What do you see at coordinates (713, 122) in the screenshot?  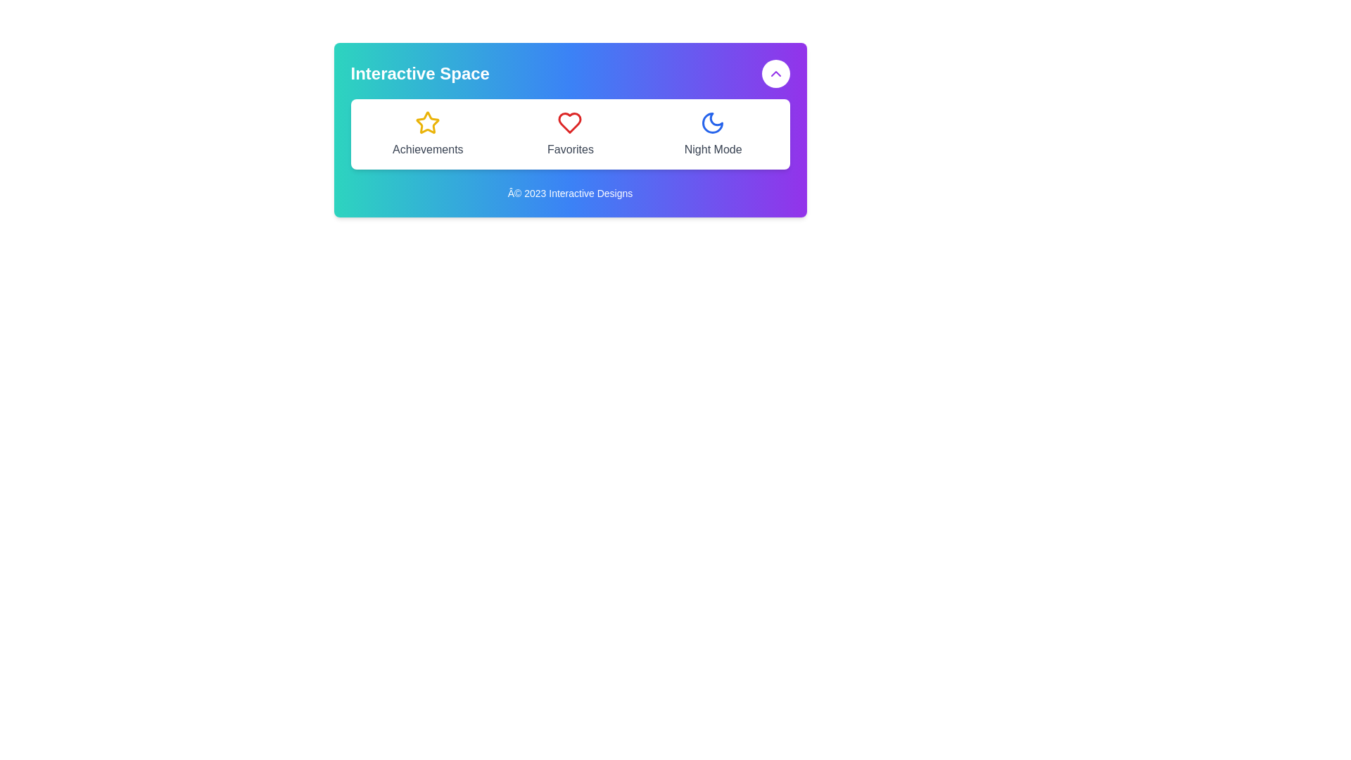 I see `the night mode icon, which is the third icon in a row of three, located above the label 'Night Mode', to the right of the heart icon` at bounding box center [713, 122].